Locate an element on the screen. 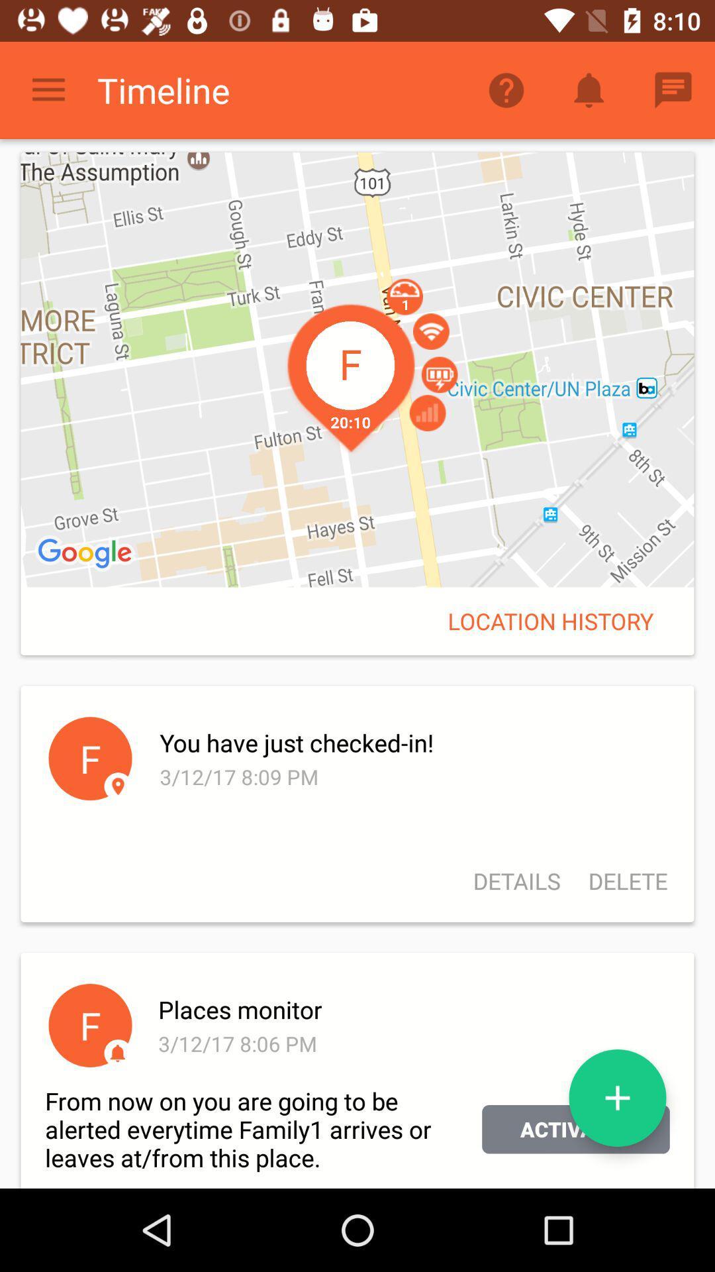  item to the left of the timeline icon is located at coordinates (48, 89).